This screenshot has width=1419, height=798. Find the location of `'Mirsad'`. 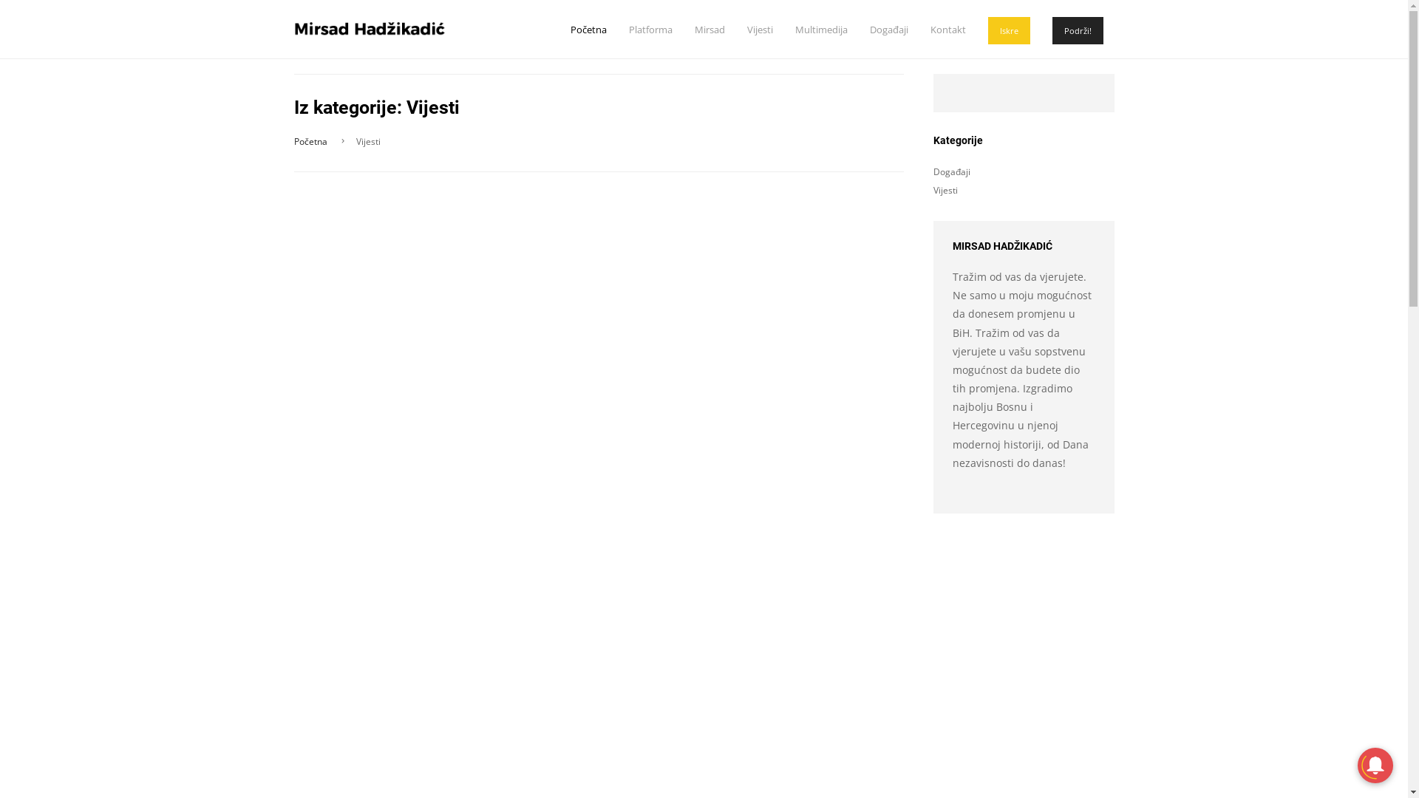

'Mirsad' is located at coordinates (709, 29).